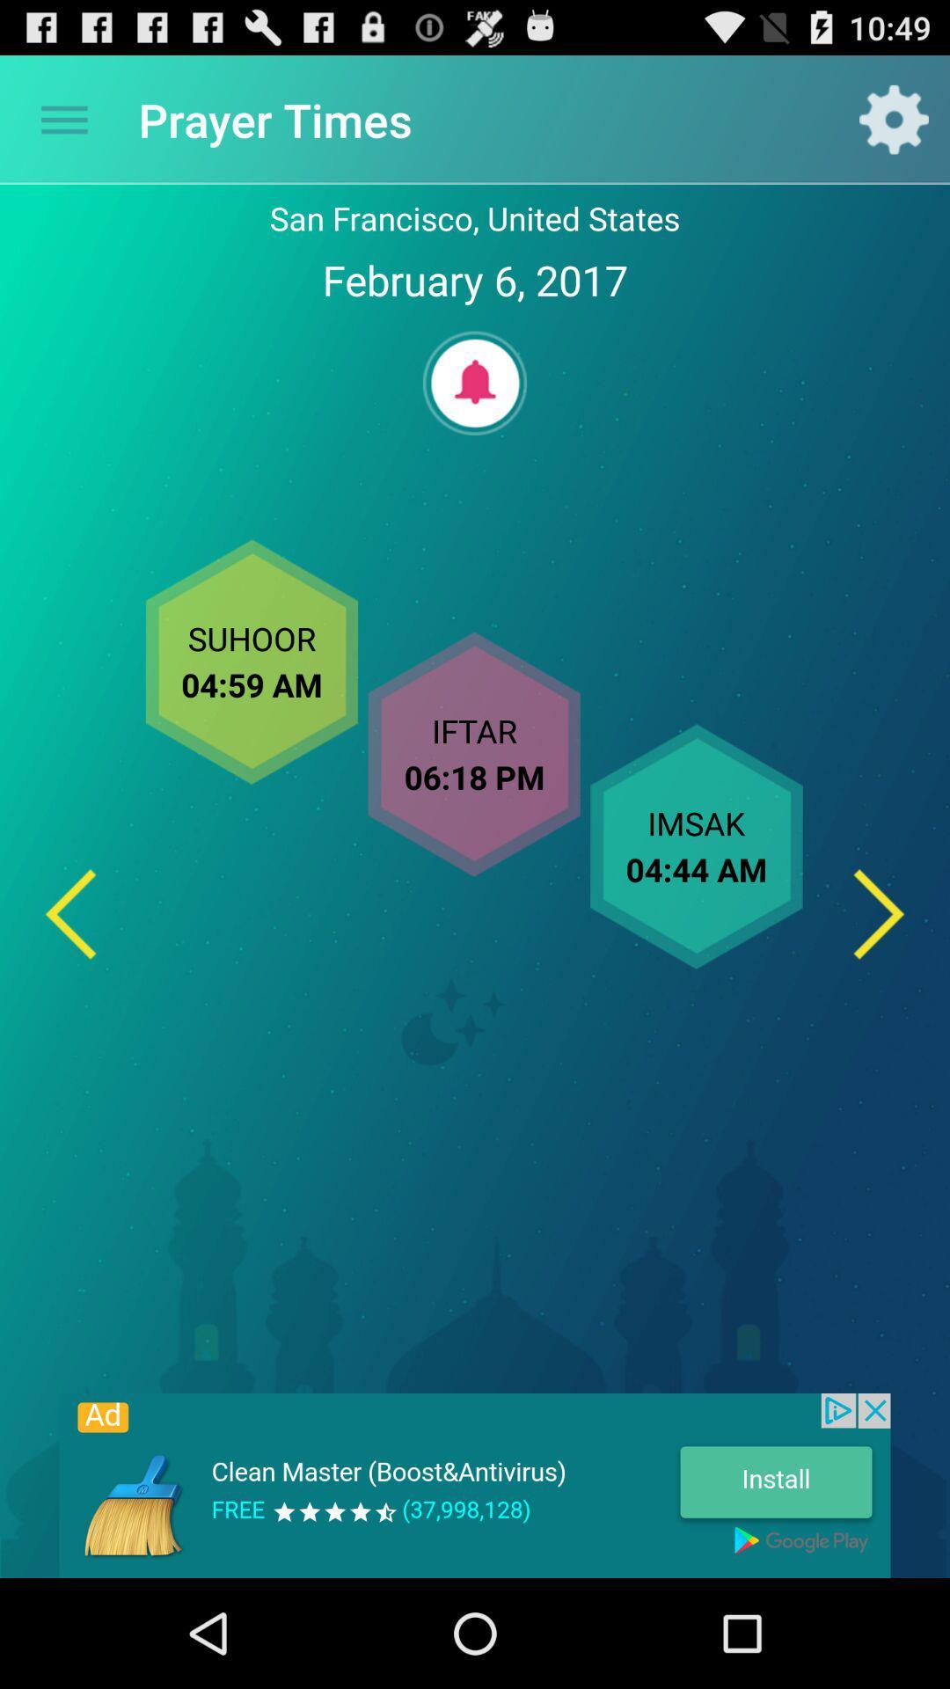 This screenshot has height=1689, width=950. I want to click on previous day, so click(69, 914).